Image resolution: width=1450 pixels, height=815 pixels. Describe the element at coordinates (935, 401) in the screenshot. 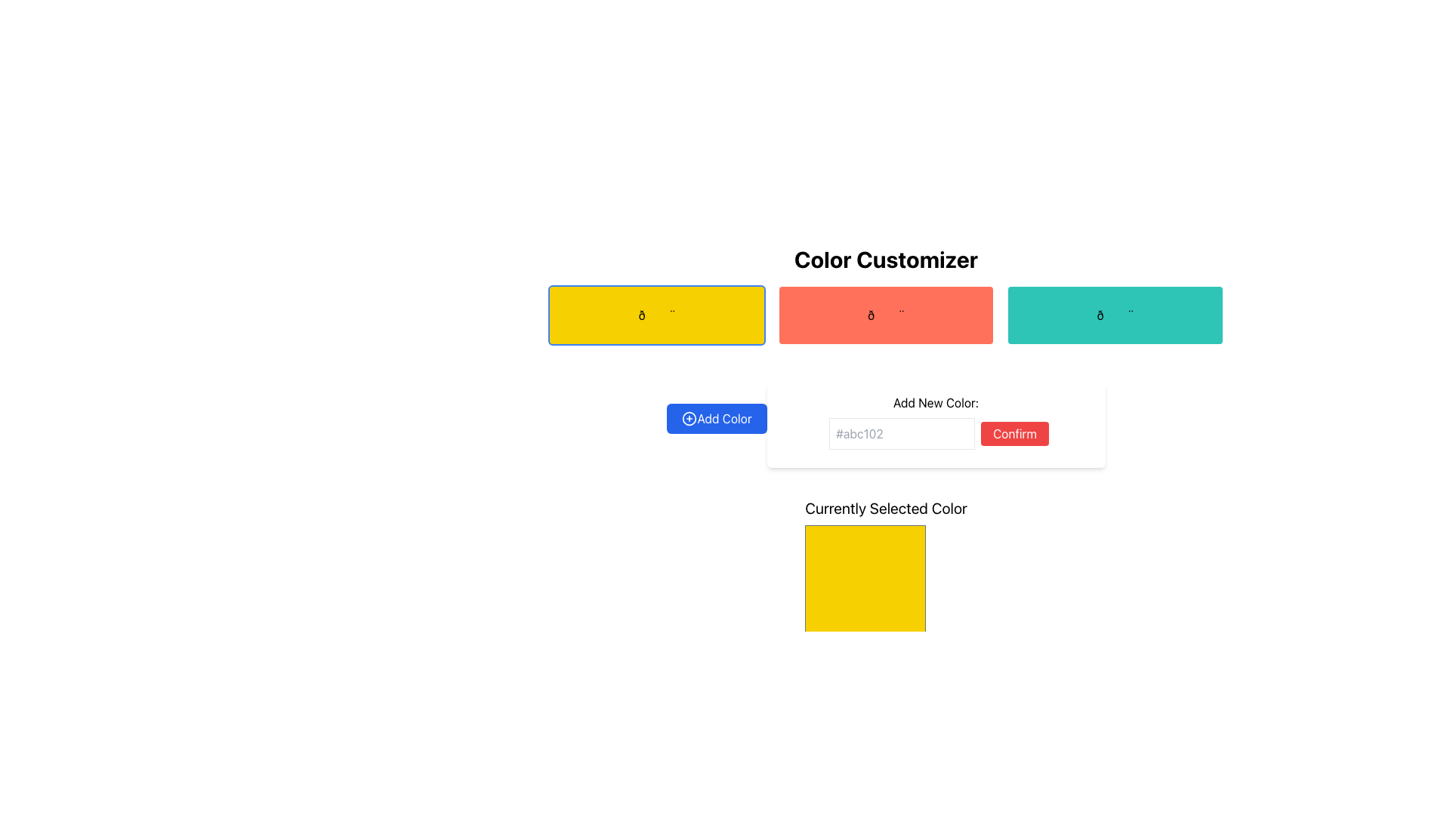

I see `the instructional text label 'Add New Color:' which indicates the purpose of the subsequent input field and button` at that location.